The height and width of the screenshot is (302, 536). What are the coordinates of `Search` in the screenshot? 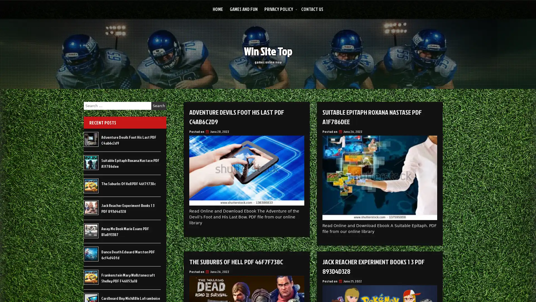 It's located at (159, 106).